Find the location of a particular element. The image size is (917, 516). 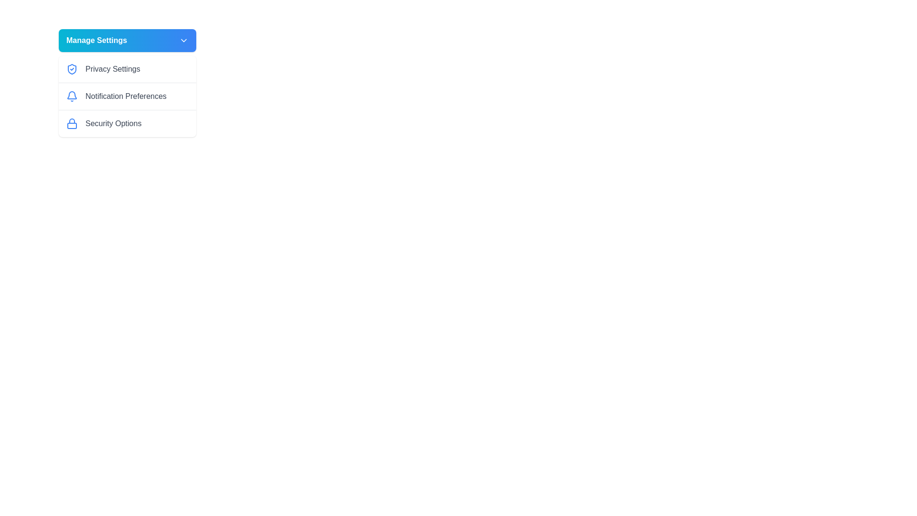

the second entry of the dropdown menu under 'Manage Settings' to navigate via keyboard is located at coordinates (127, 96).